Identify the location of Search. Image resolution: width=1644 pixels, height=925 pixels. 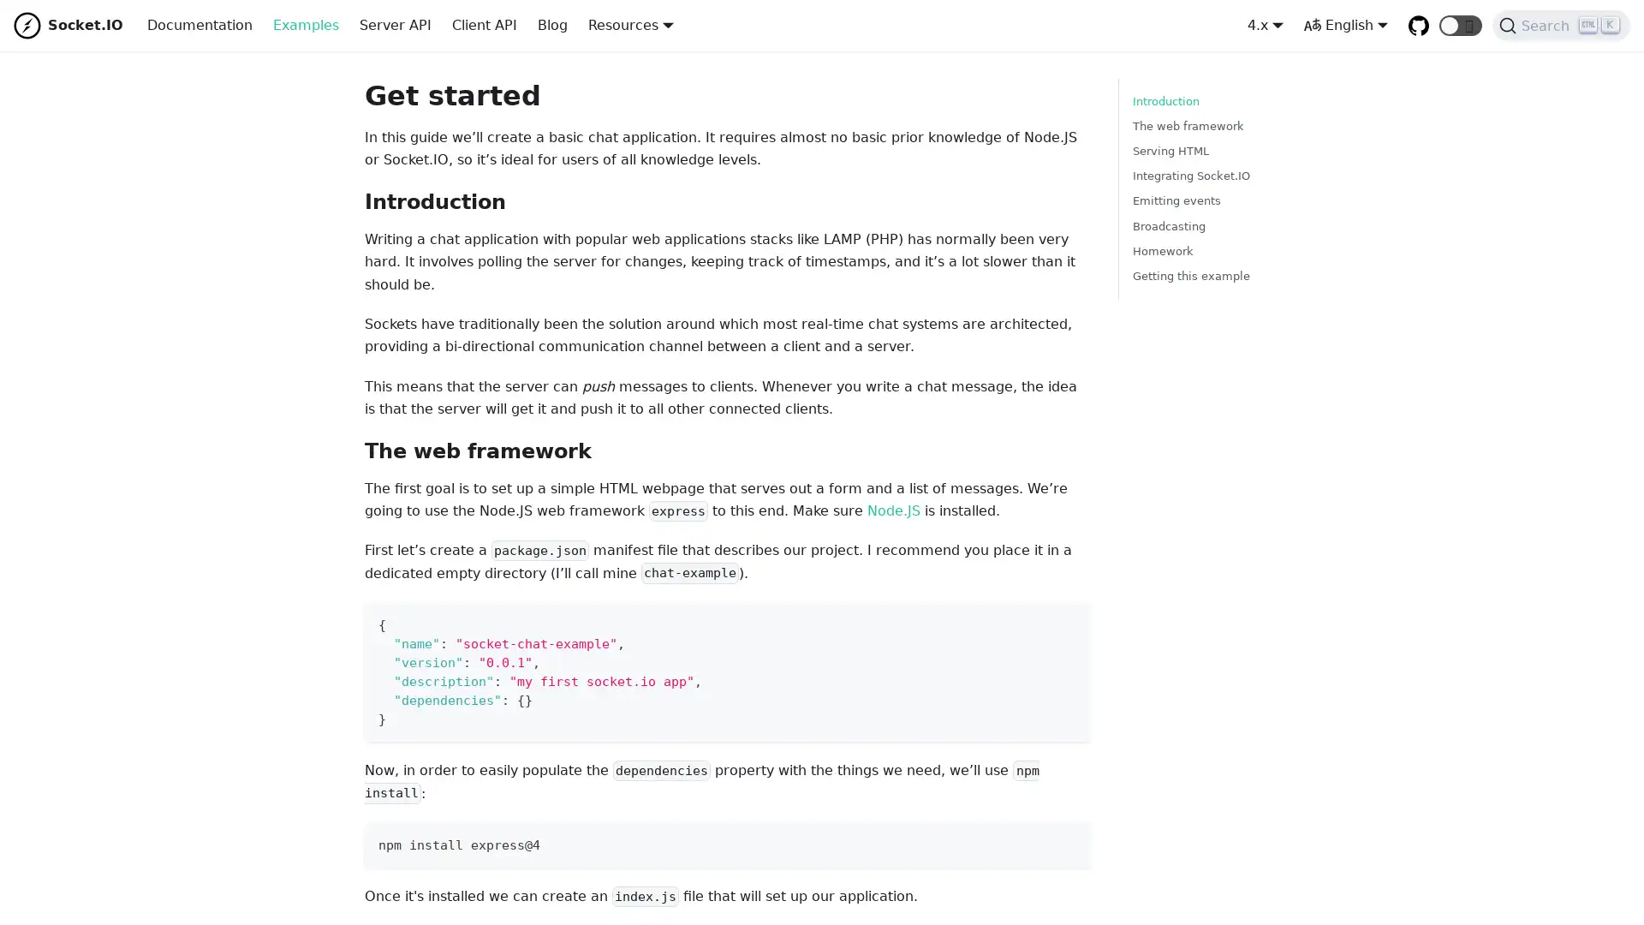
(1561, 26).